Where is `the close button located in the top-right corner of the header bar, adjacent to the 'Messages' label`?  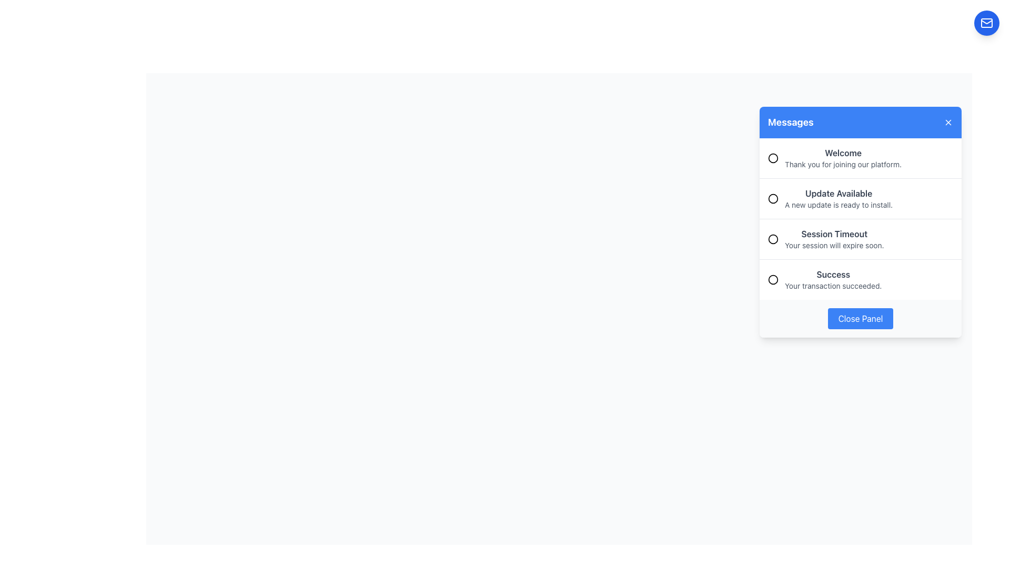 the close button located in the top-right corner of the header bar, adjacent to the 'Messages' label is located at coordinates (948, 121).